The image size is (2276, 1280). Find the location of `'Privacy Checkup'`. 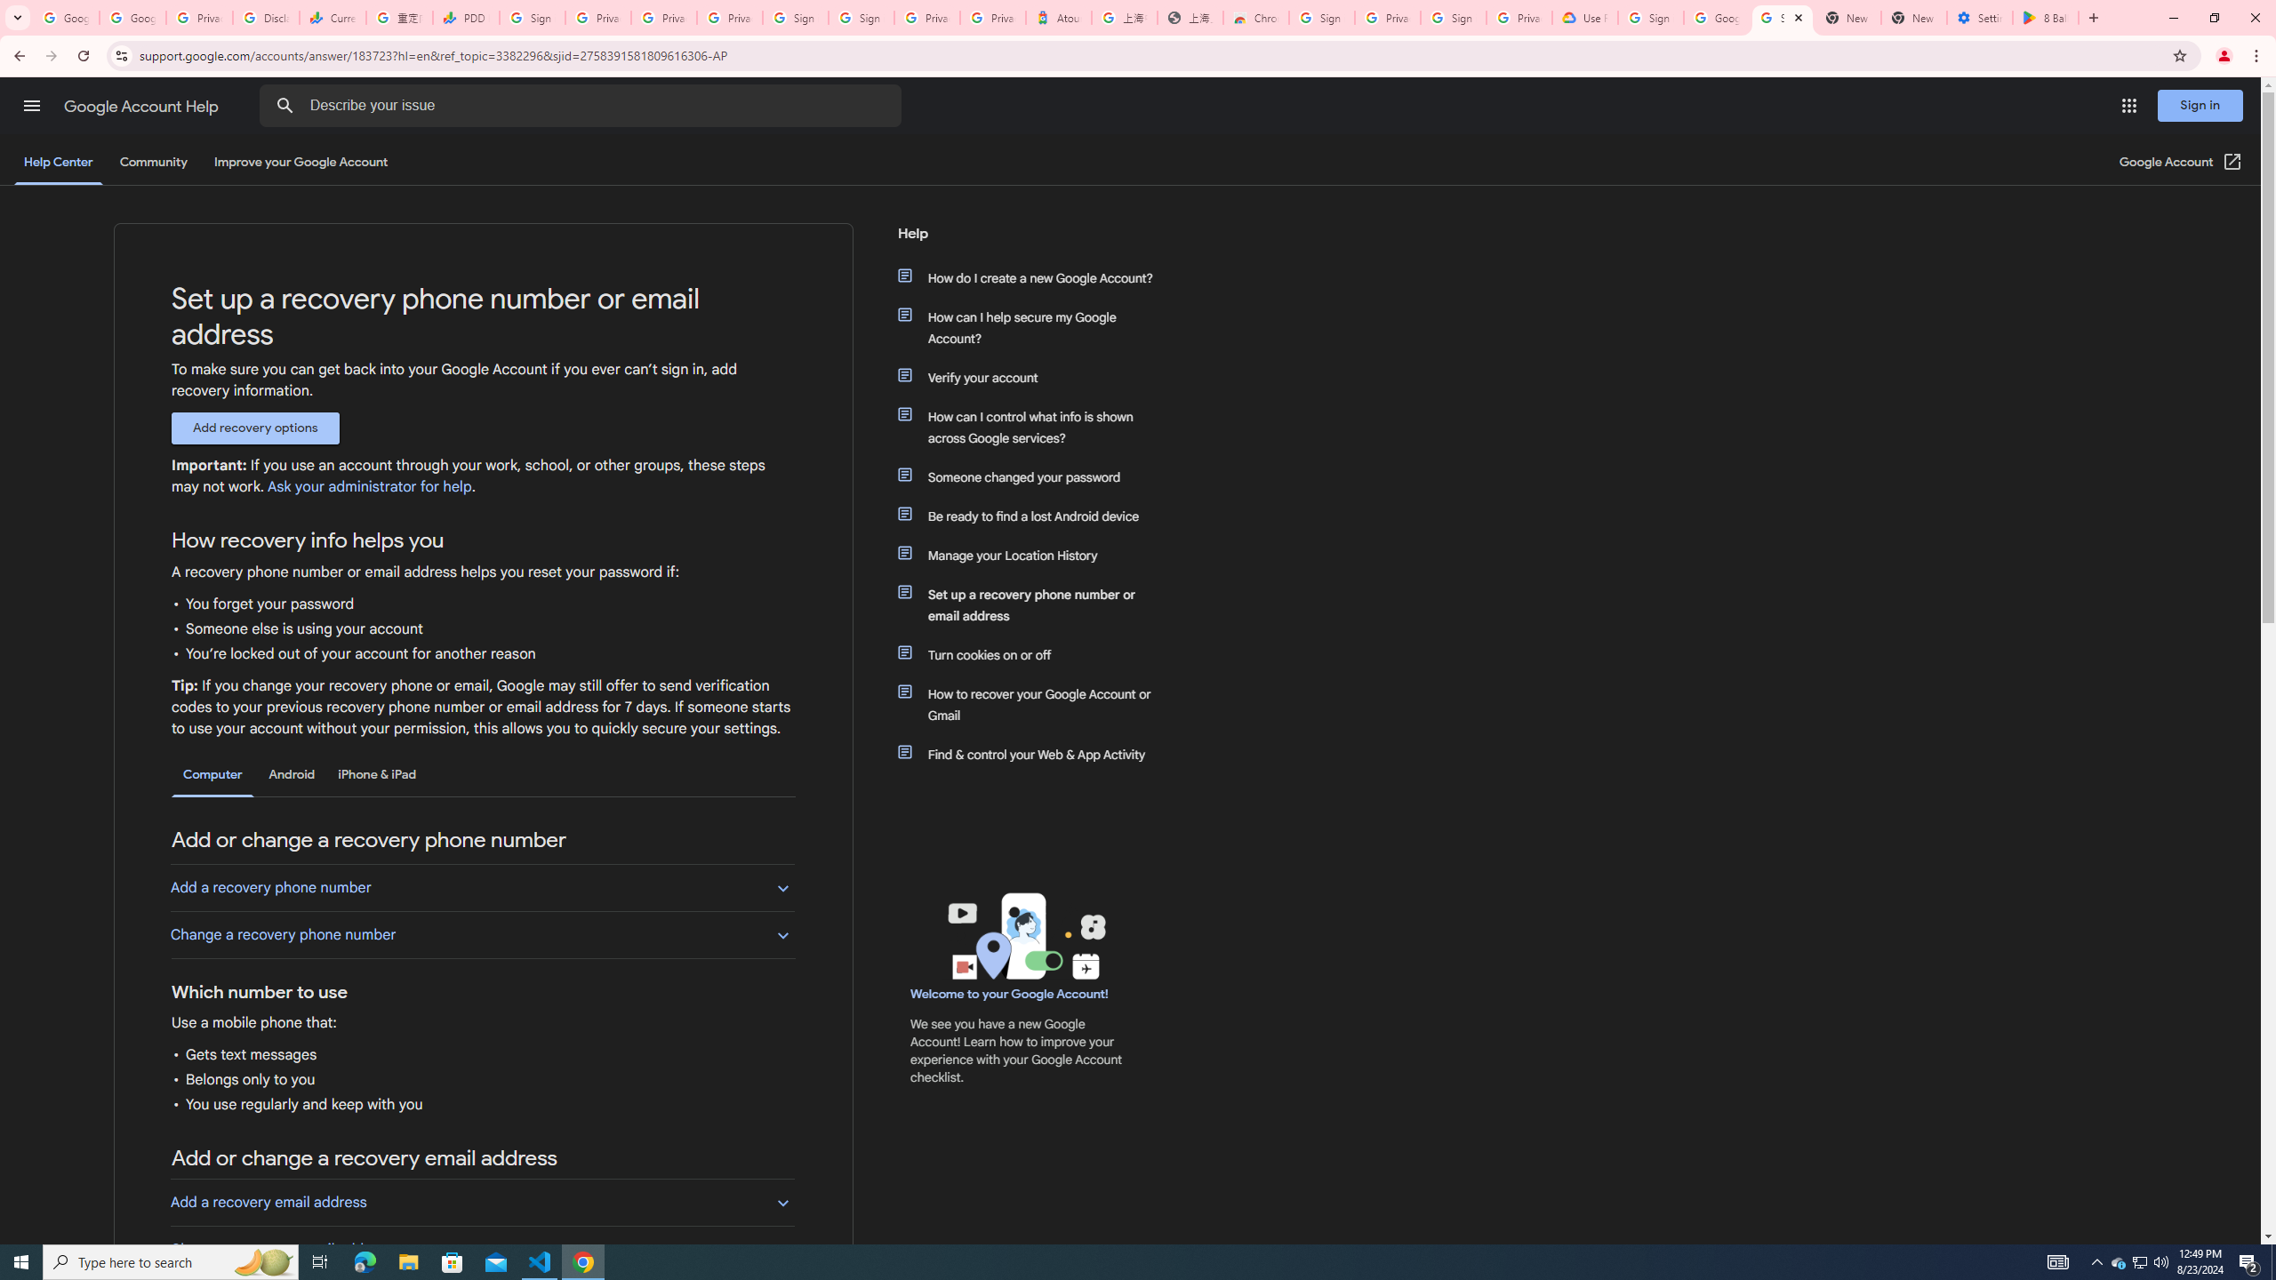

'Privacy Checkup' is located at coordinates (729, 17).